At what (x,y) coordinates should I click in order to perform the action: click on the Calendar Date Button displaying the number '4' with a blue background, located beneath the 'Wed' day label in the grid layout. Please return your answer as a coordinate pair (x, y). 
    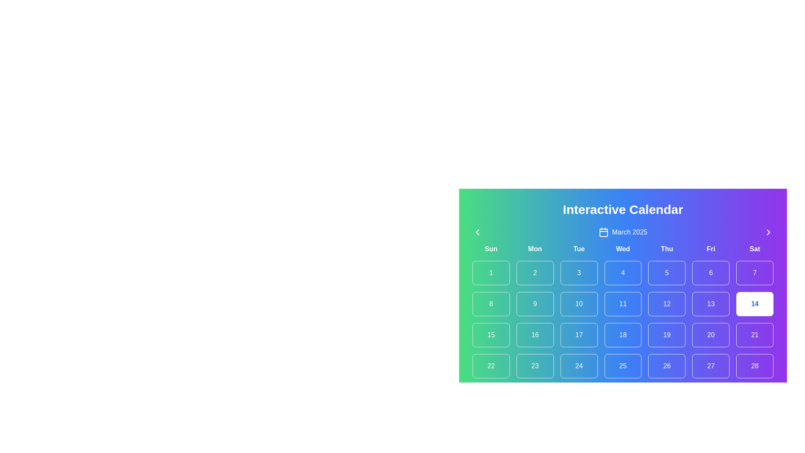
    Looking at the image, I should click on (623, 273).